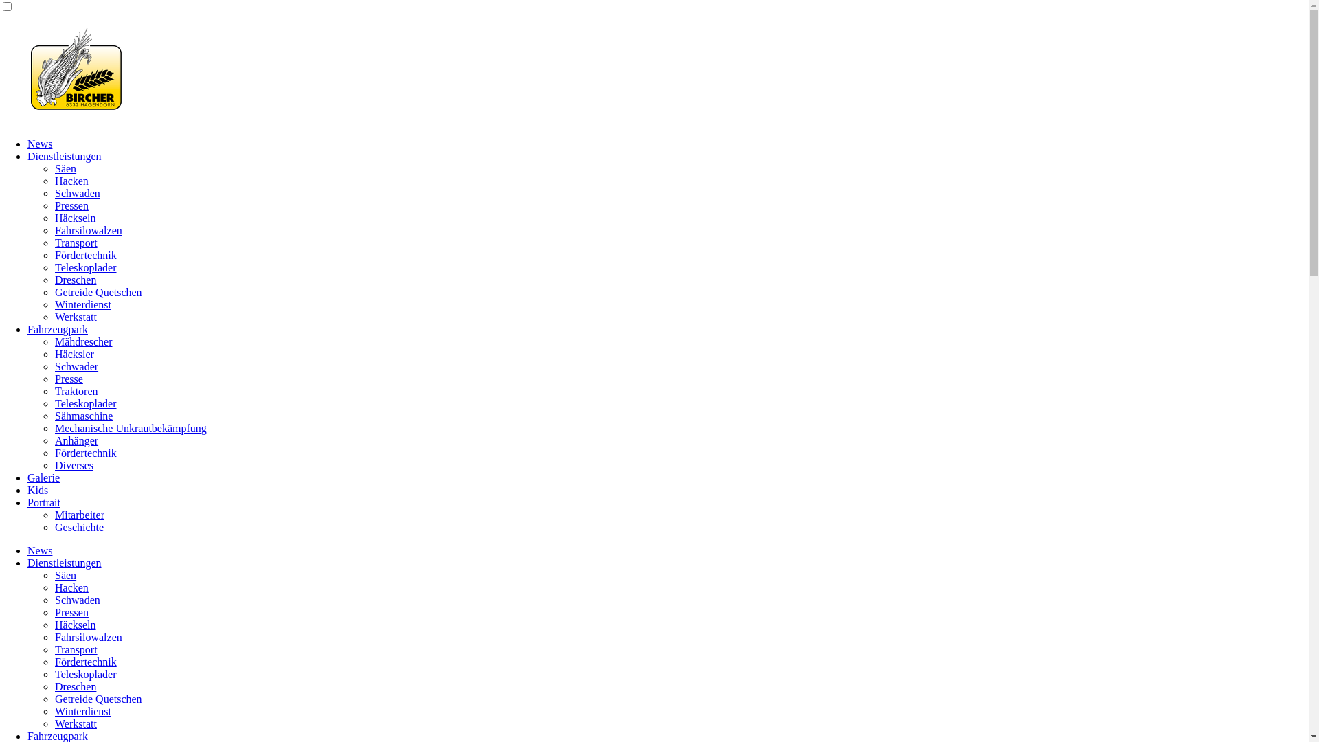 The width and height of the screenshot is (1319, 742). Describe the element at coordinates (73, 464) in the screenshot. I see `'Diverses'` at that location.